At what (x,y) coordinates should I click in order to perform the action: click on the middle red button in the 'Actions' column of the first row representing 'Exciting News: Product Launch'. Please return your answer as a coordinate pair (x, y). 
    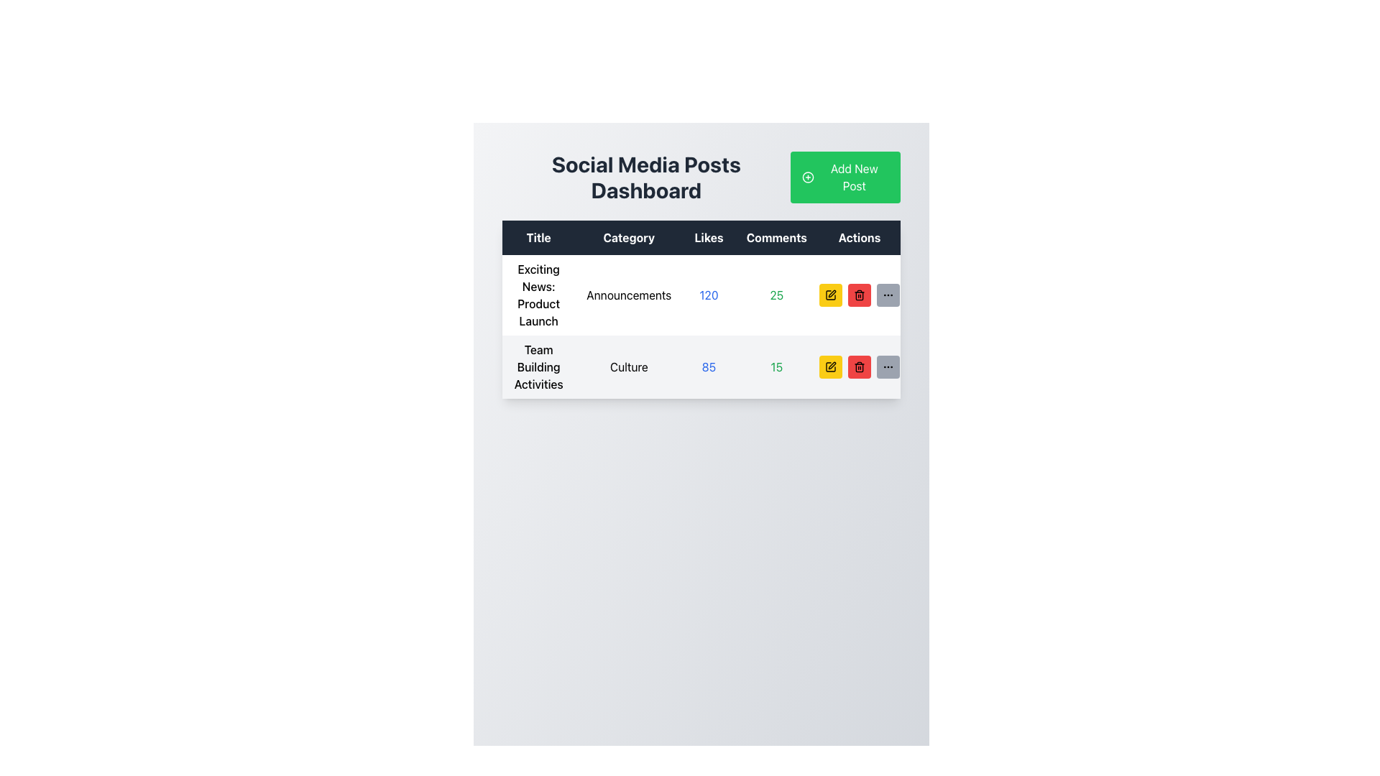
    Looking at the image, I should click on (859, 295).